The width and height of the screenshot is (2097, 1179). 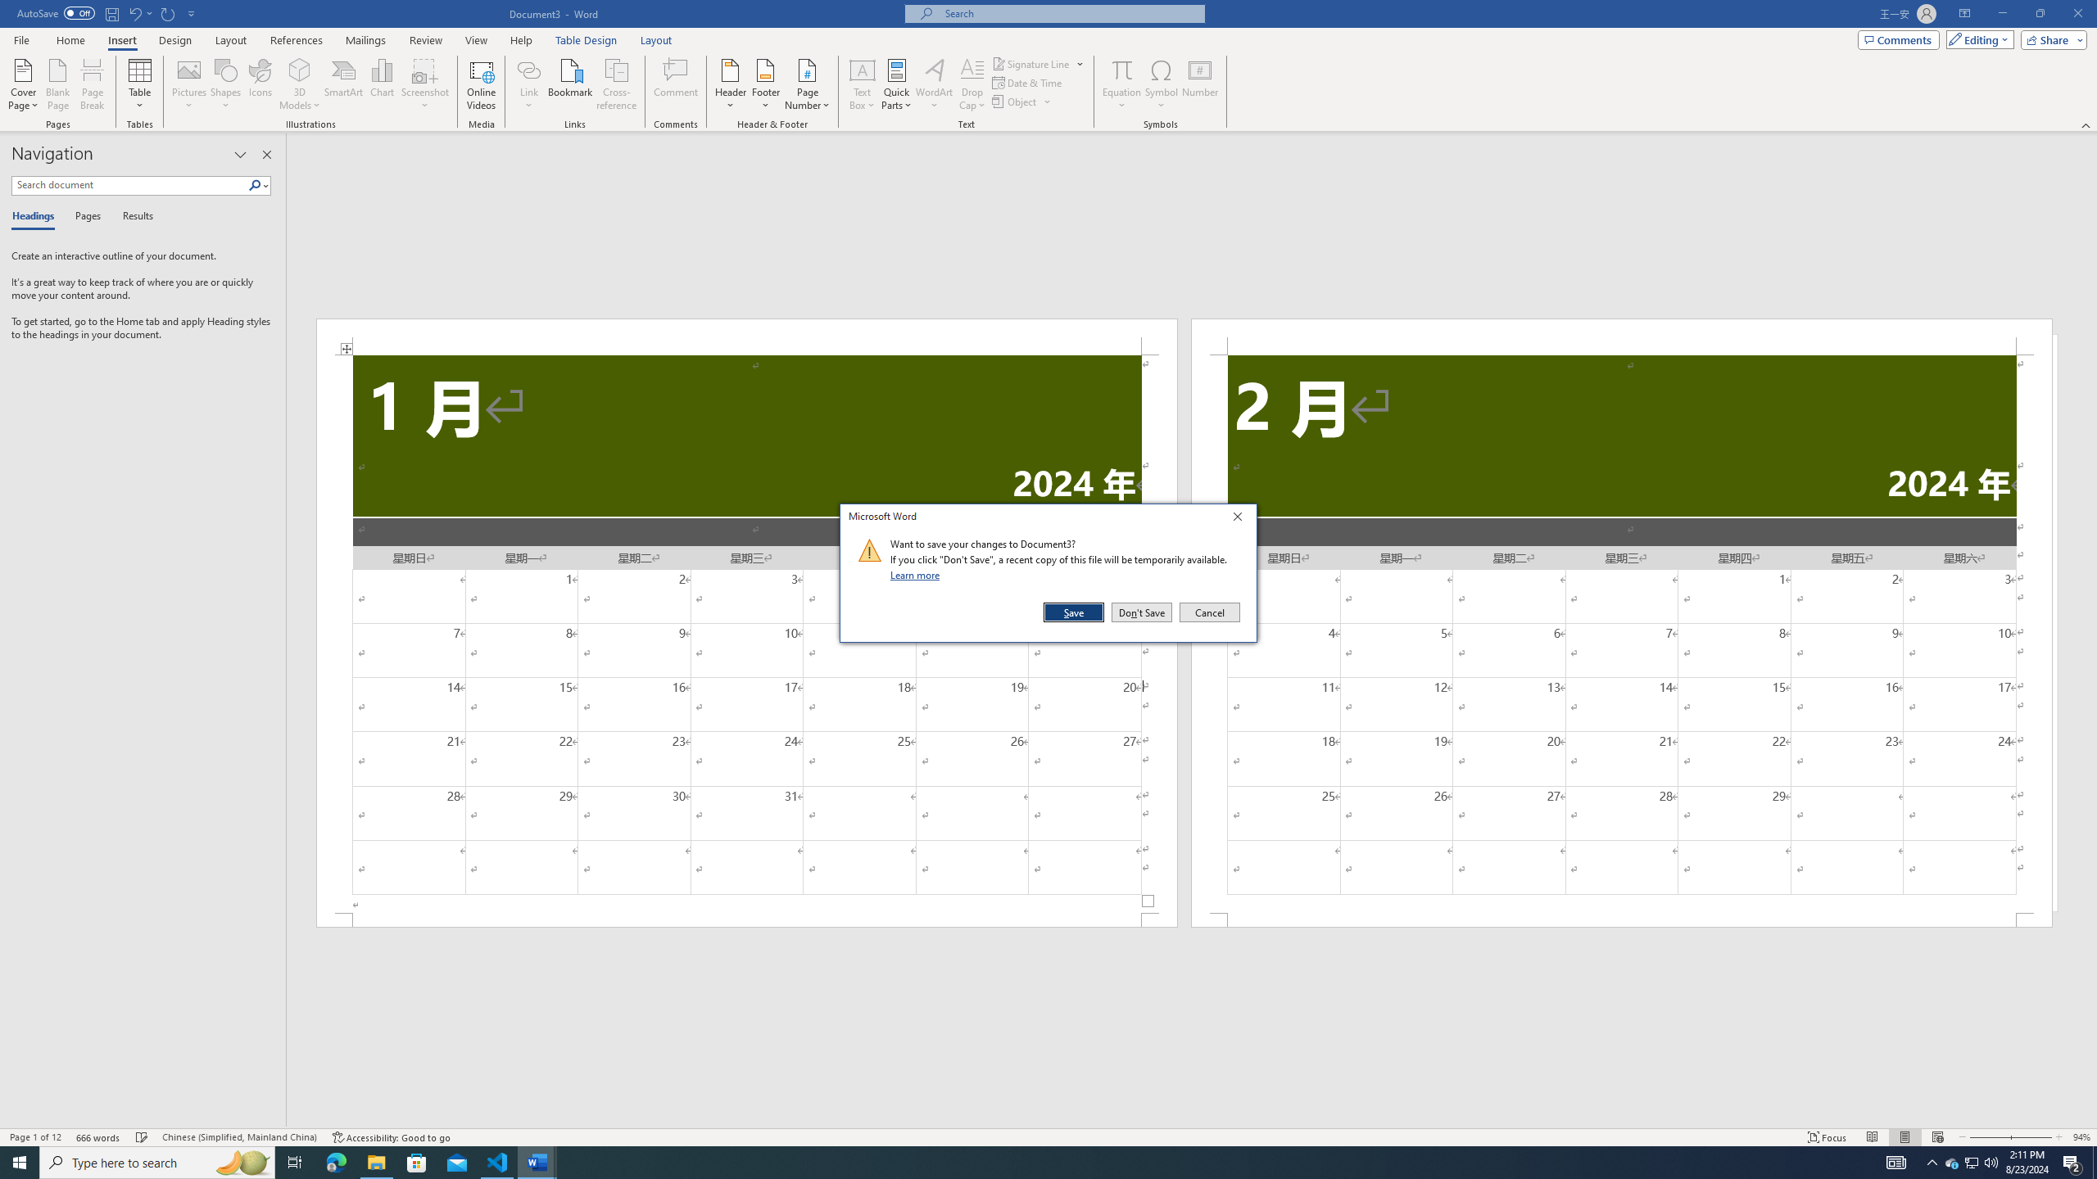 I want to click on 'Chart...', so click(x=382, y=84).